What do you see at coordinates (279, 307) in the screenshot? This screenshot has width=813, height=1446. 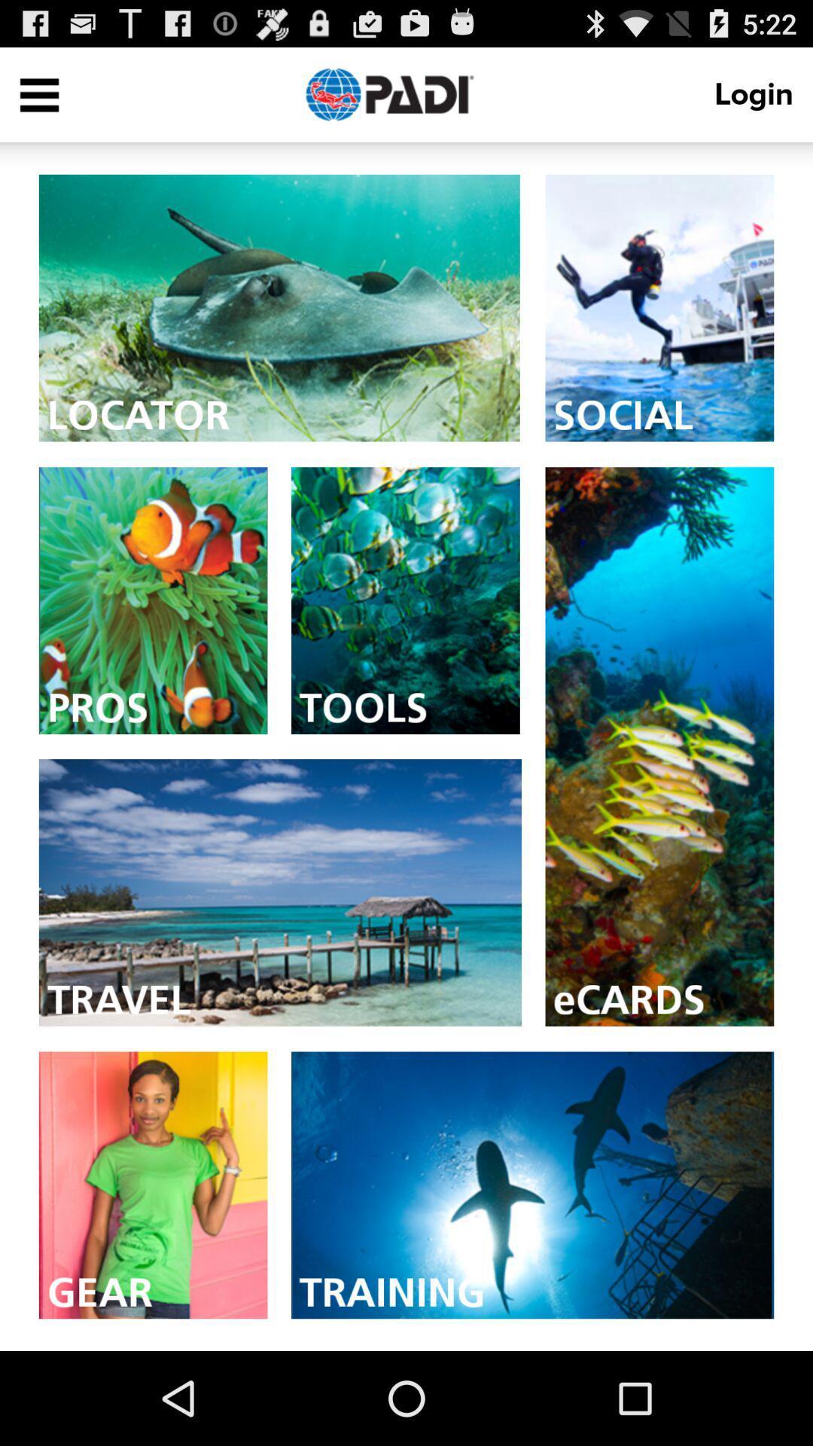 I see `access the locator` at bounding box center [279, 307].